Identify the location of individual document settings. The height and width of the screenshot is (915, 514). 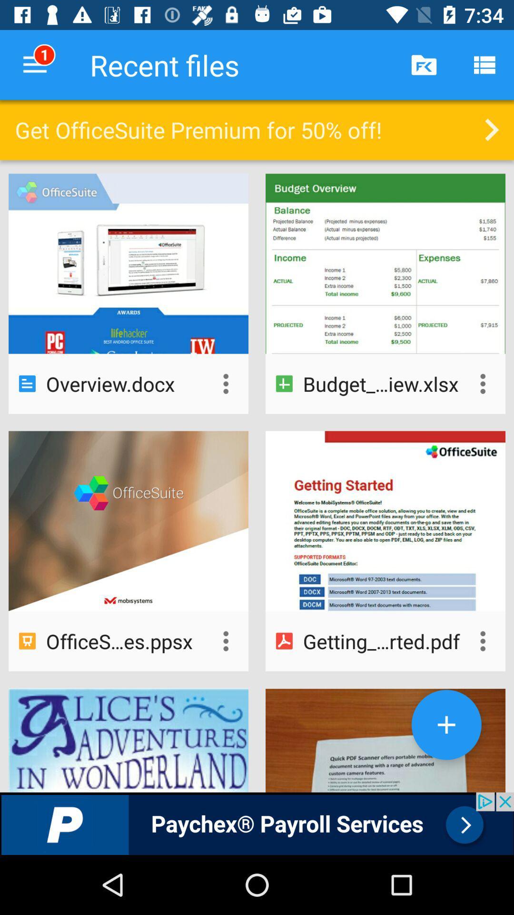
(483, 384).